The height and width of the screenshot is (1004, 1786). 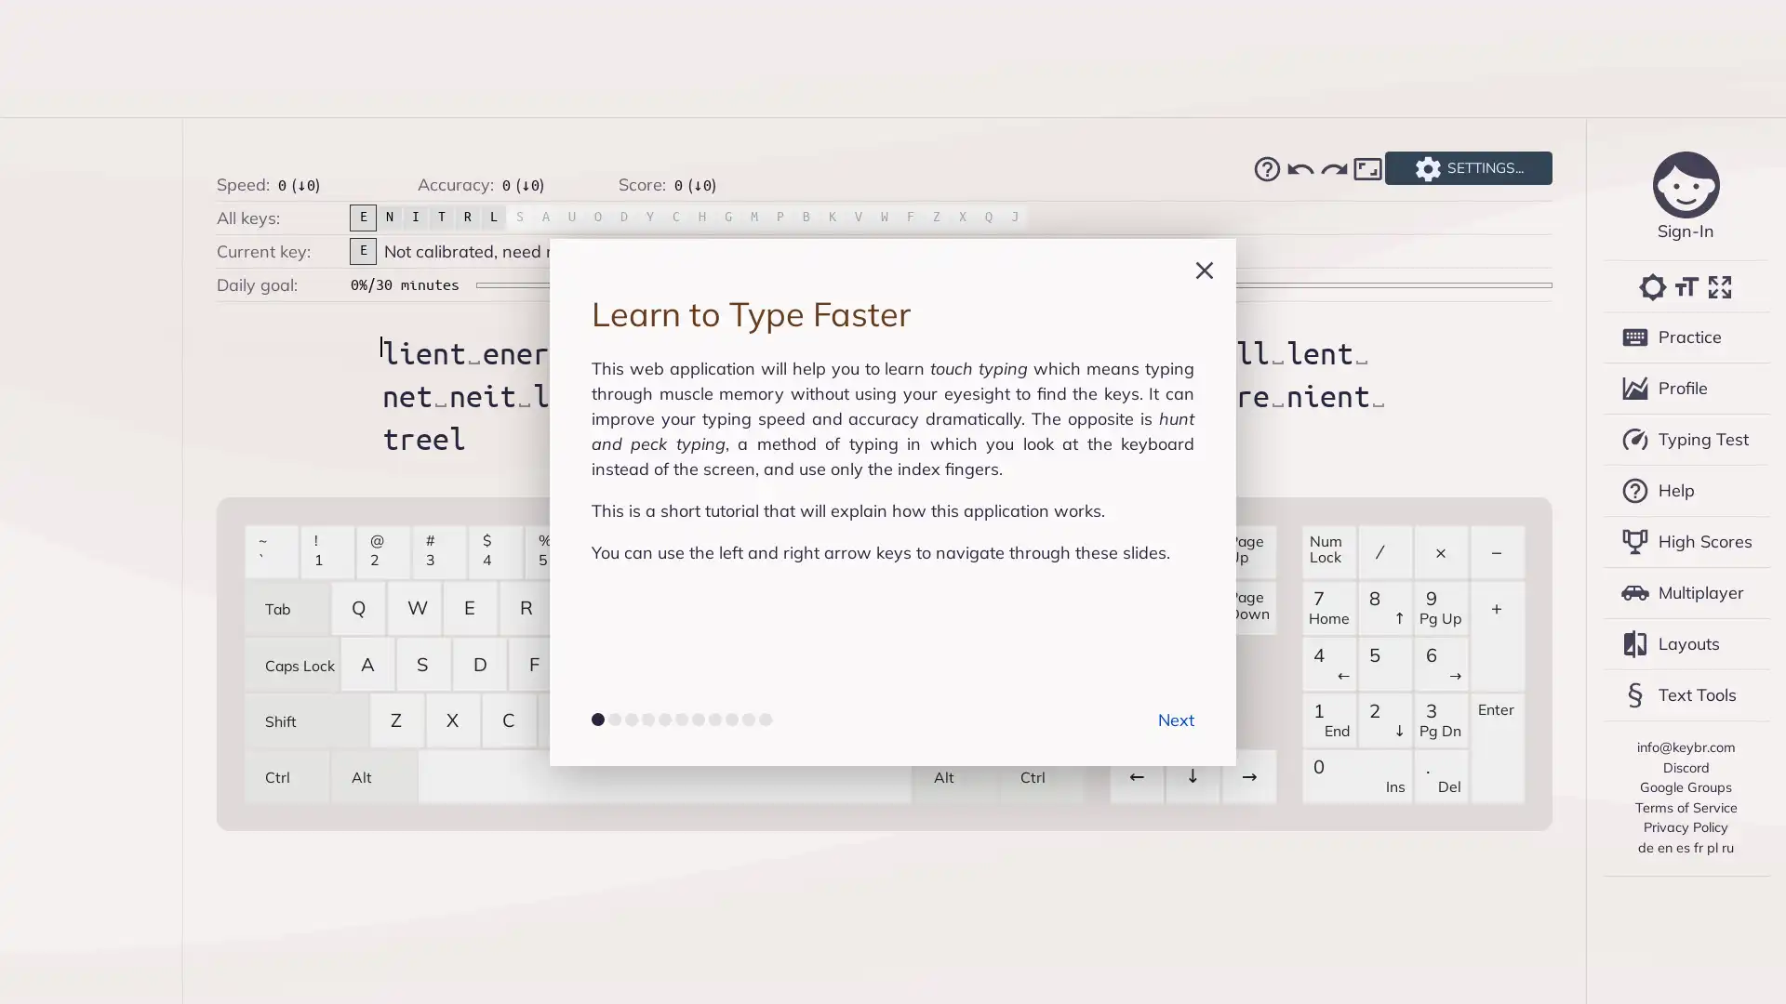 What do you see at coordinates (1652, 286) in the screenshot?
I see `Switch to theme Dark Colors.` at bounding box center [1652, 286].